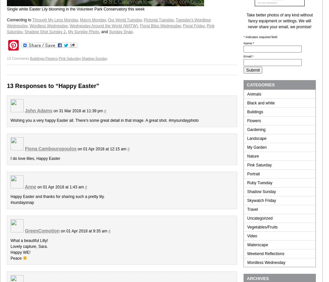 This screenshot has height=282, width=329. I want to click on 'GreenComotion', so click(42, 231).